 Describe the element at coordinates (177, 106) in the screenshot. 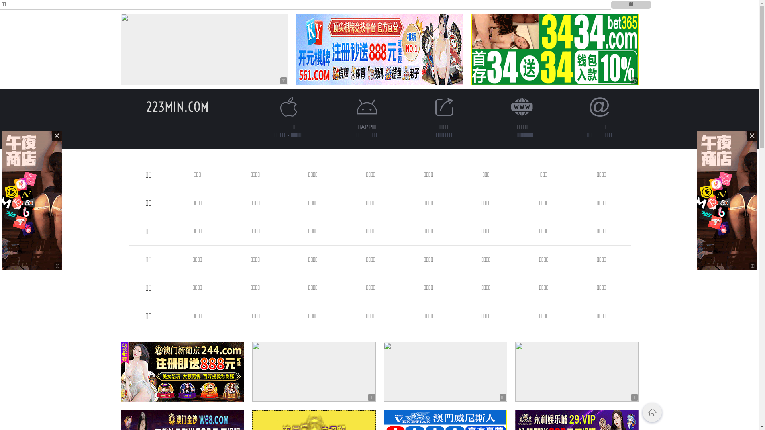

I see `'223MIN.COM'` at that location.